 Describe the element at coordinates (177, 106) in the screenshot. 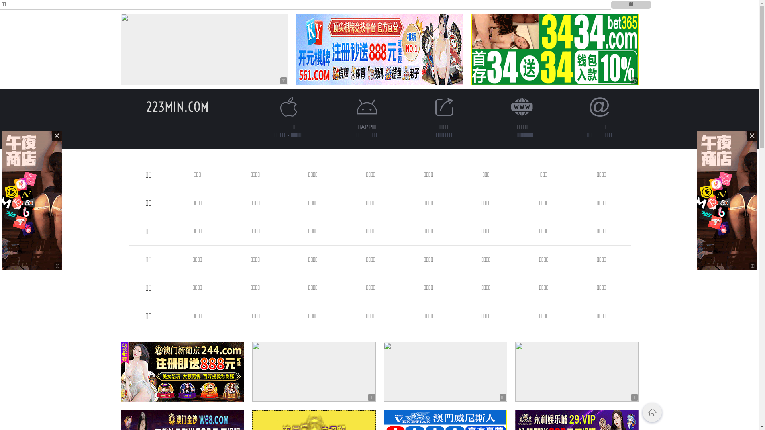

I see `'223MIN.COM'` at that location.